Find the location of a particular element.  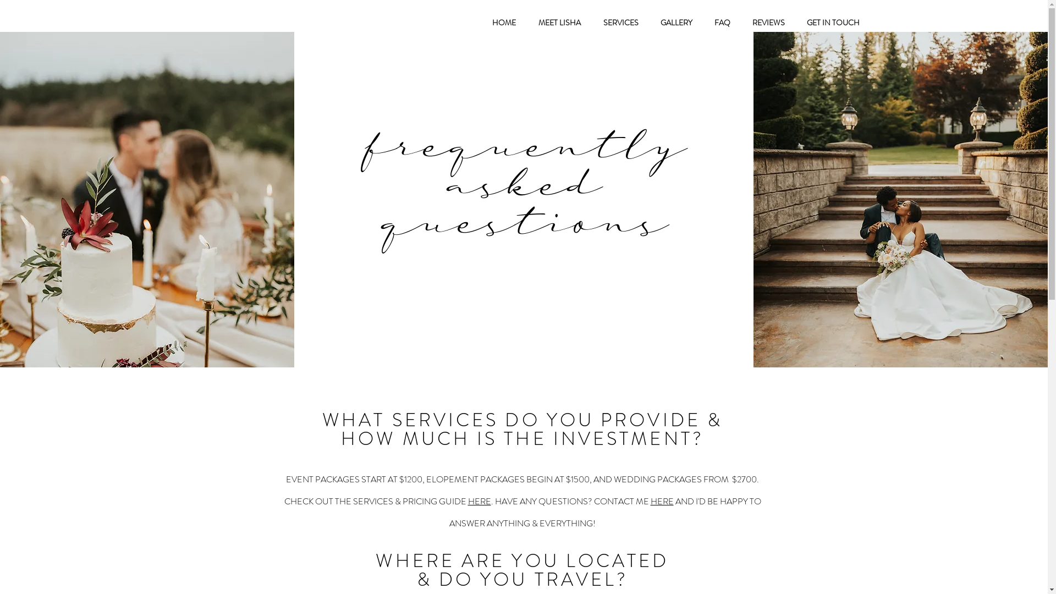

'REVIEWS' is located at coordinates (741, 23).